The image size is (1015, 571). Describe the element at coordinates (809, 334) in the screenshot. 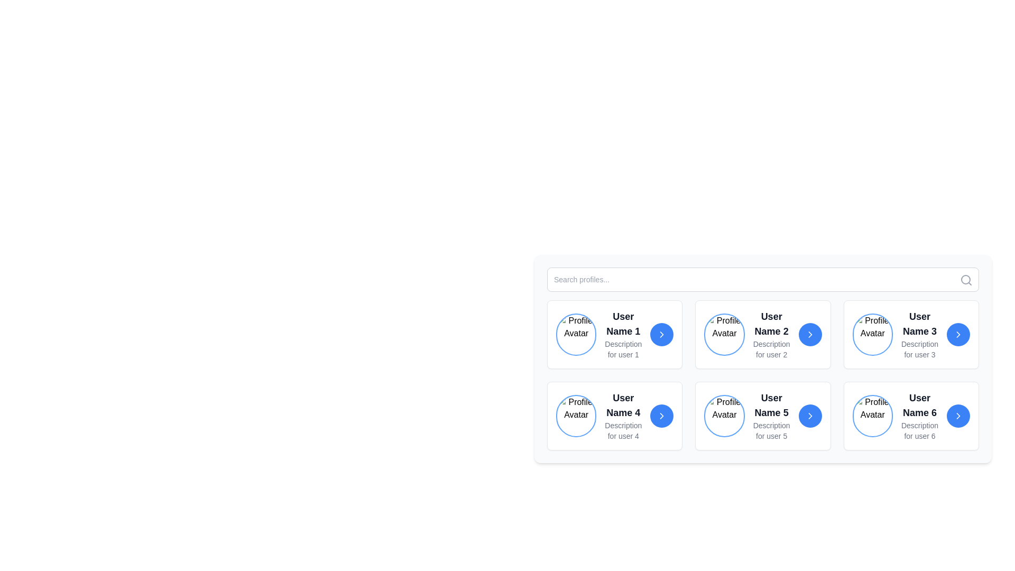

I see `the navigation button located in the bottom-right corner of the 'User Name 2 Description for user 2' card` at that location.